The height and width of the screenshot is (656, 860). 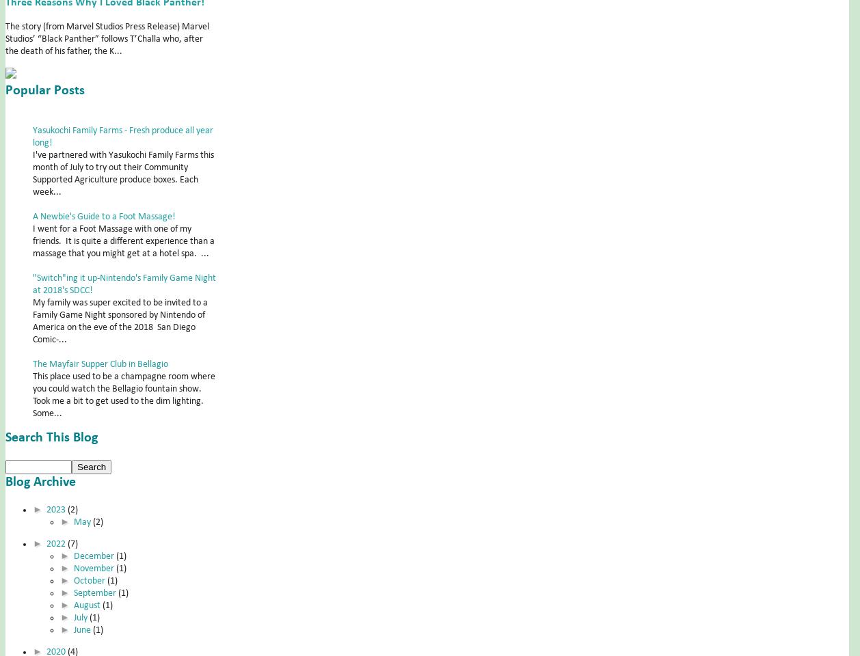 What do you see at coordinates (5, 90) in the screenshot?
I see `'Popular Posts'` at bounding box center [5, 90].